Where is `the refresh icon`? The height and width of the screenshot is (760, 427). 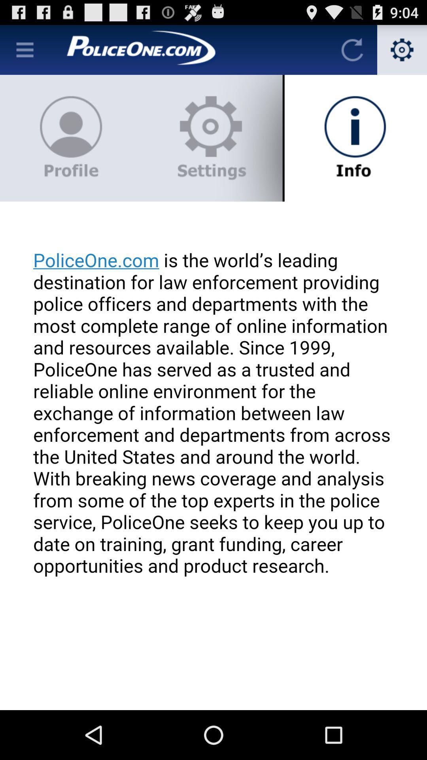
the refresh icon is located at coordinates (352, 53).